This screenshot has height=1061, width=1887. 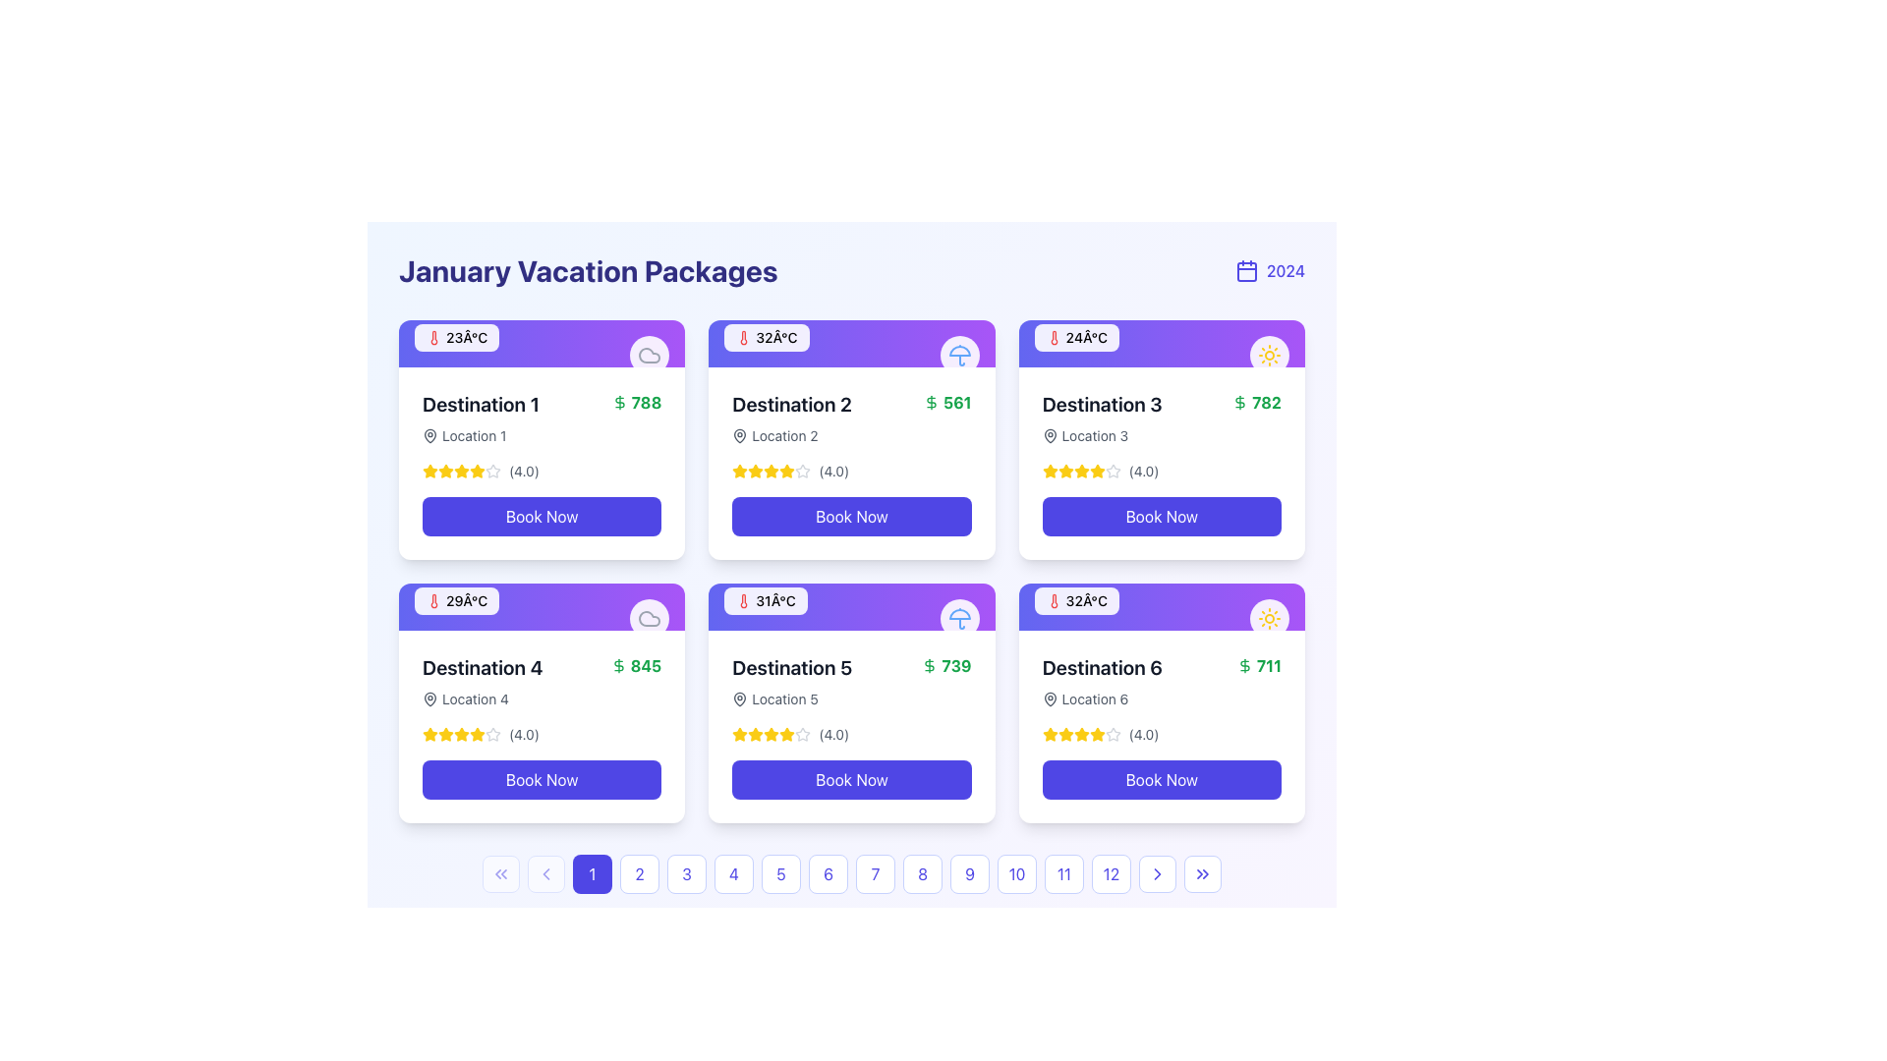 I want to click on the fourth star icon in the rating system for the second vacation package card, which is a thin, outlined star-shaped icon located underneath the title and location description, so click(x=803, y=471).